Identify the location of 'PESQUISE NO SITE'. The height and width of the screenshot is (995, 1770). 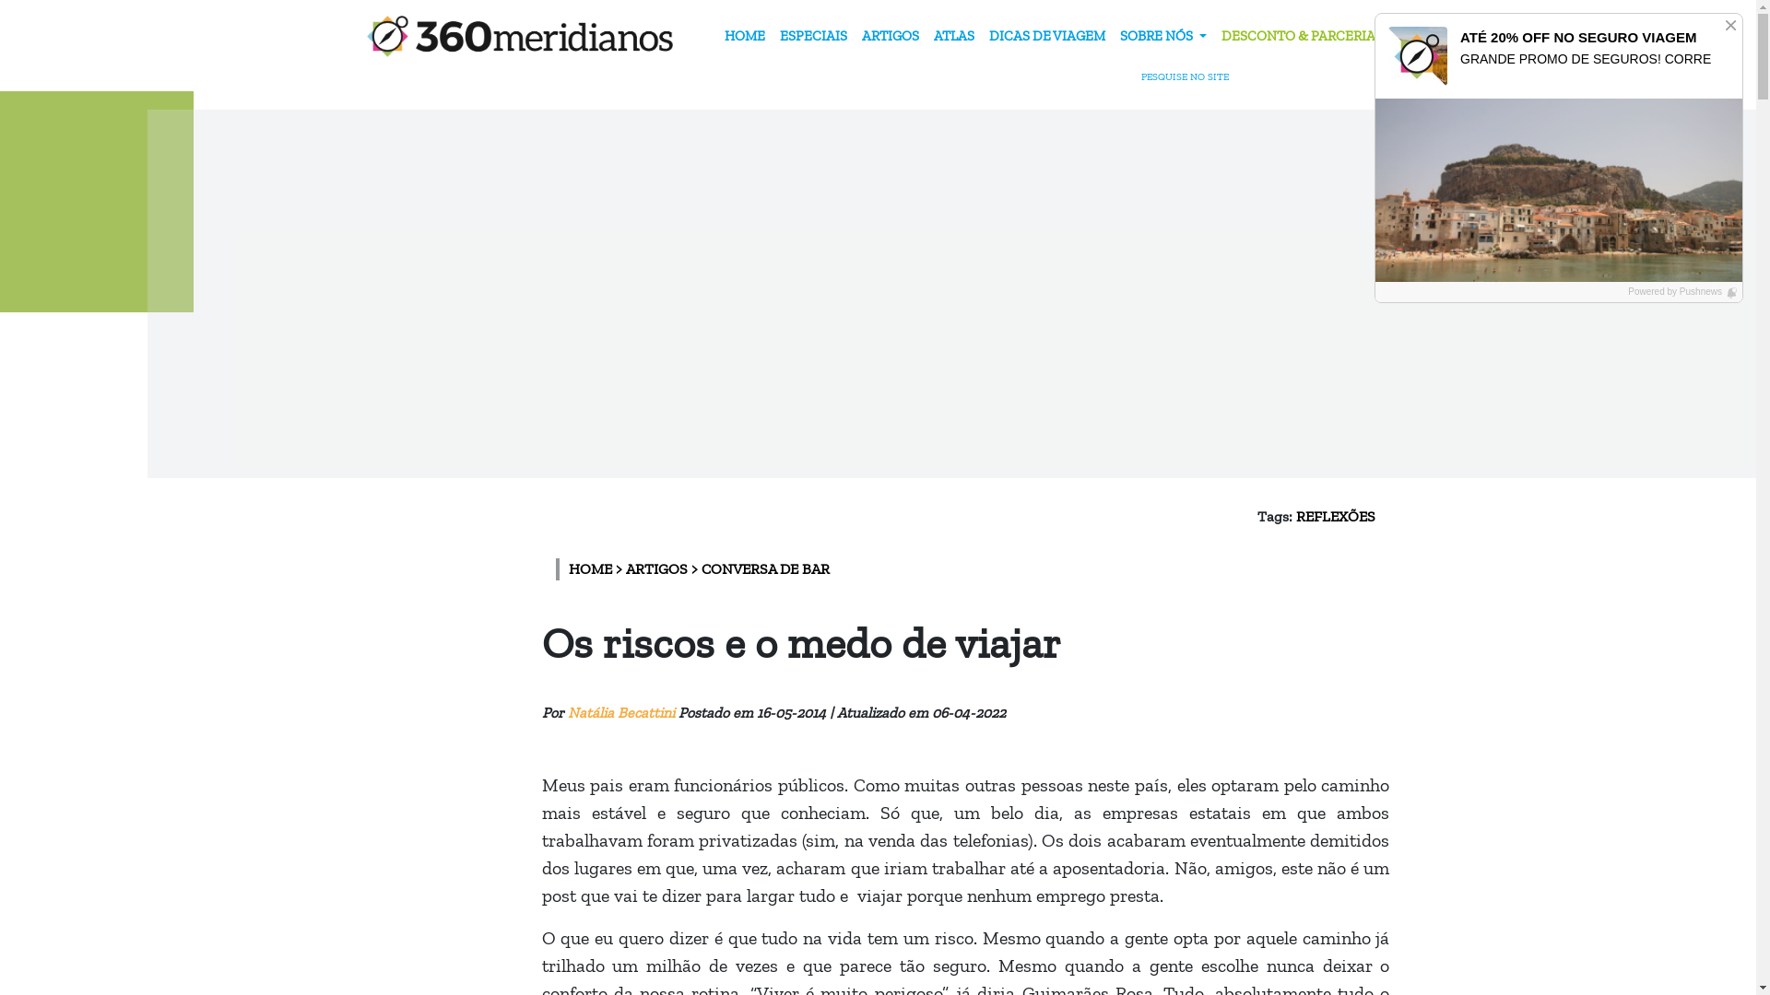
(1198, 76).